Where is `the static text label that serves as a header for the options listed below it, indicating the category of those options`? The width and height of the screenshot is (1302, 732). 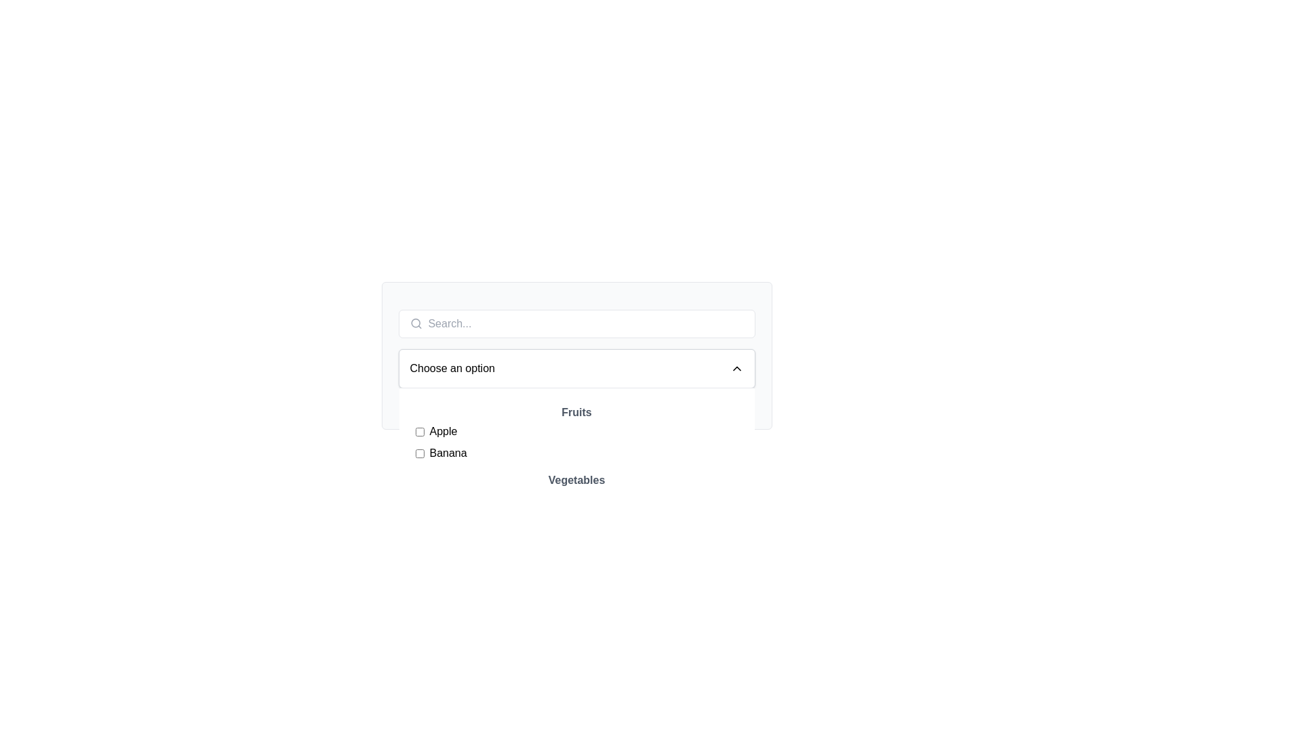 the static text label that serves as a header for the options listed below it, indicating the category of those options is located at coordinates (576, 412).